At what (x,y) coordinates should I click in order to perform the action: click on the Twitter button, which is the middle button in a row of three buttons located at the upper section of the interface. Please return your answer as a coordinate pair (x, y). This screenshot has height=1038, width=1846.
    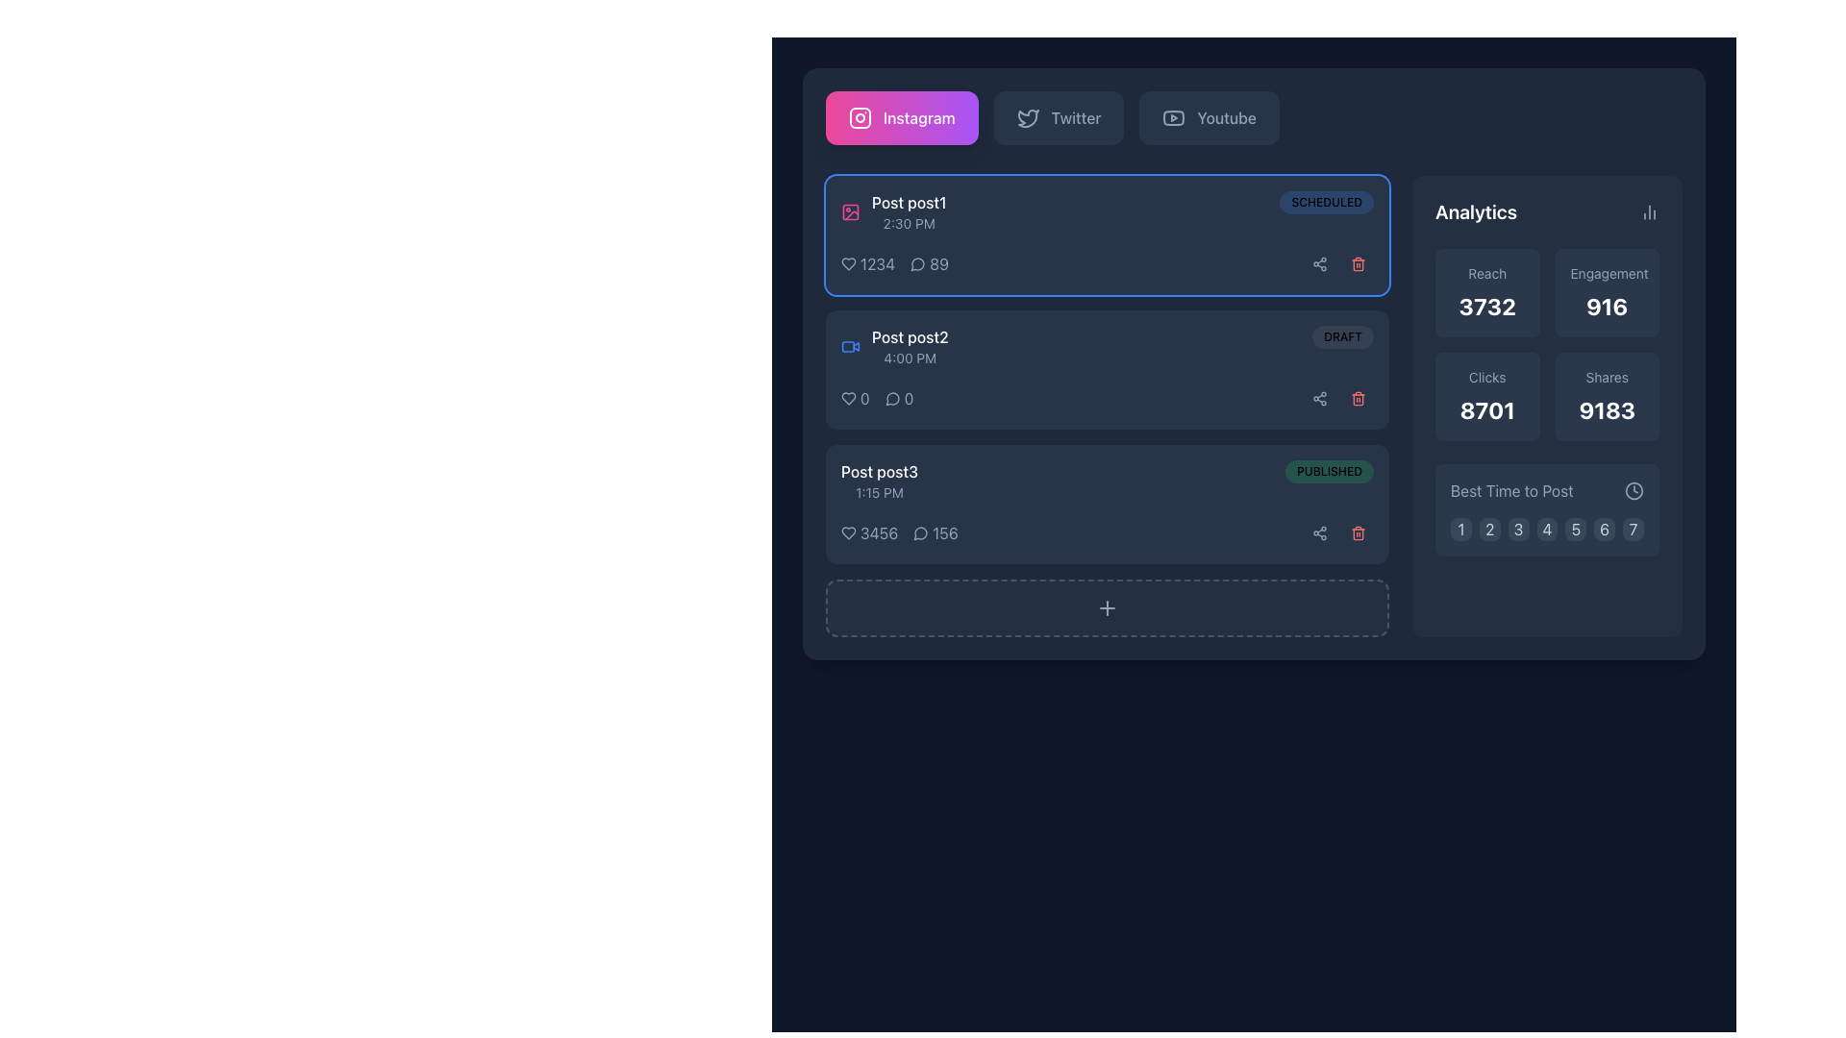
    Looking at the image, I should click on (1058, 118).